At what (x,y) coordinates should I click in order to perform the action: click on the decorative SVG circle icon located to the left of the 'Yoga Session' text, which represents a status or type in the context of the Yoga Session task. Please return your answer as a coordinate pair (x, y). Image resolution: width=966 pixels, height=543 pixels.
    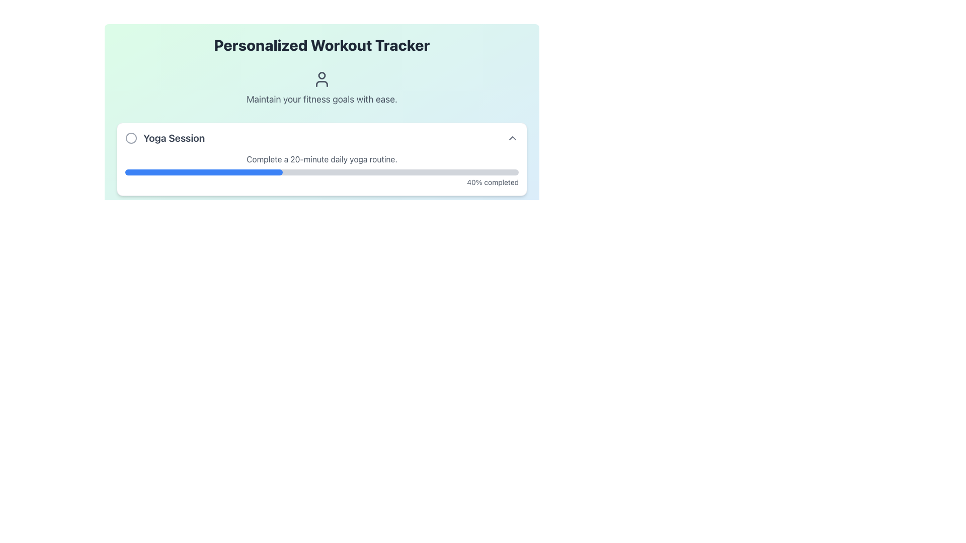
    Looking at the image, I should click on (130, 138).